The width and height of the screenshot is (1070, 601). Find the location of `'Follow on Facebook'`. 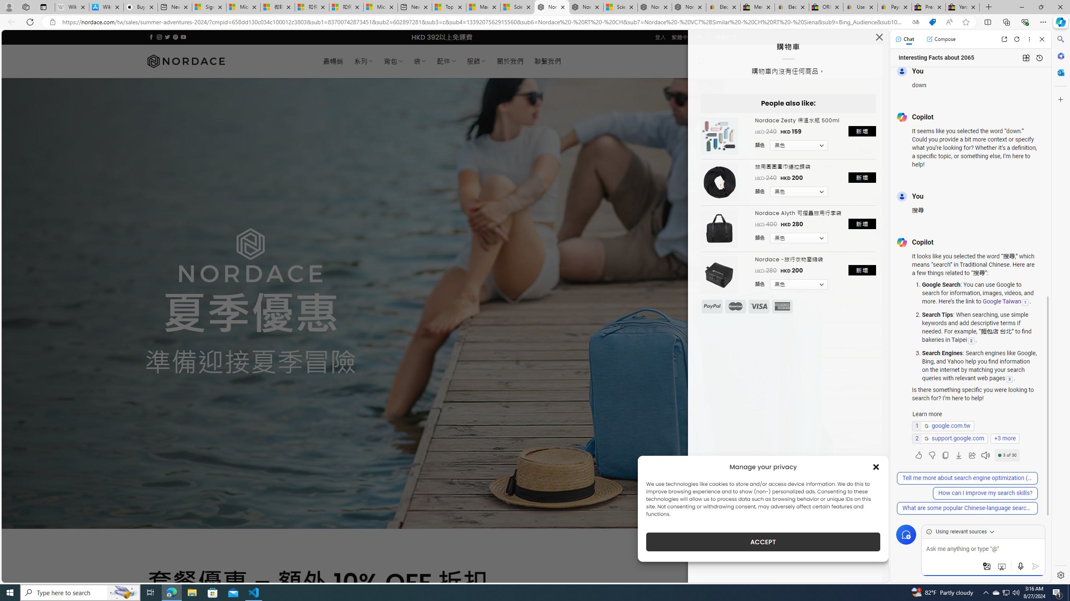

'Follow on Facebook' is located at coordinates (151, 37).